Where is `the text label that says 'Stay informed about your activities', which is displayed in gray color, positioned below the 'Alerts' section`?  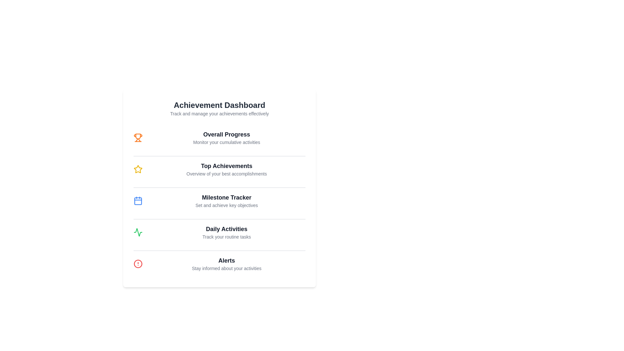 the text label that says 'Stay informed about your activities', which is displayed in gray color, positioned below the 'Alerts' section is located at coordinates (227, 268).